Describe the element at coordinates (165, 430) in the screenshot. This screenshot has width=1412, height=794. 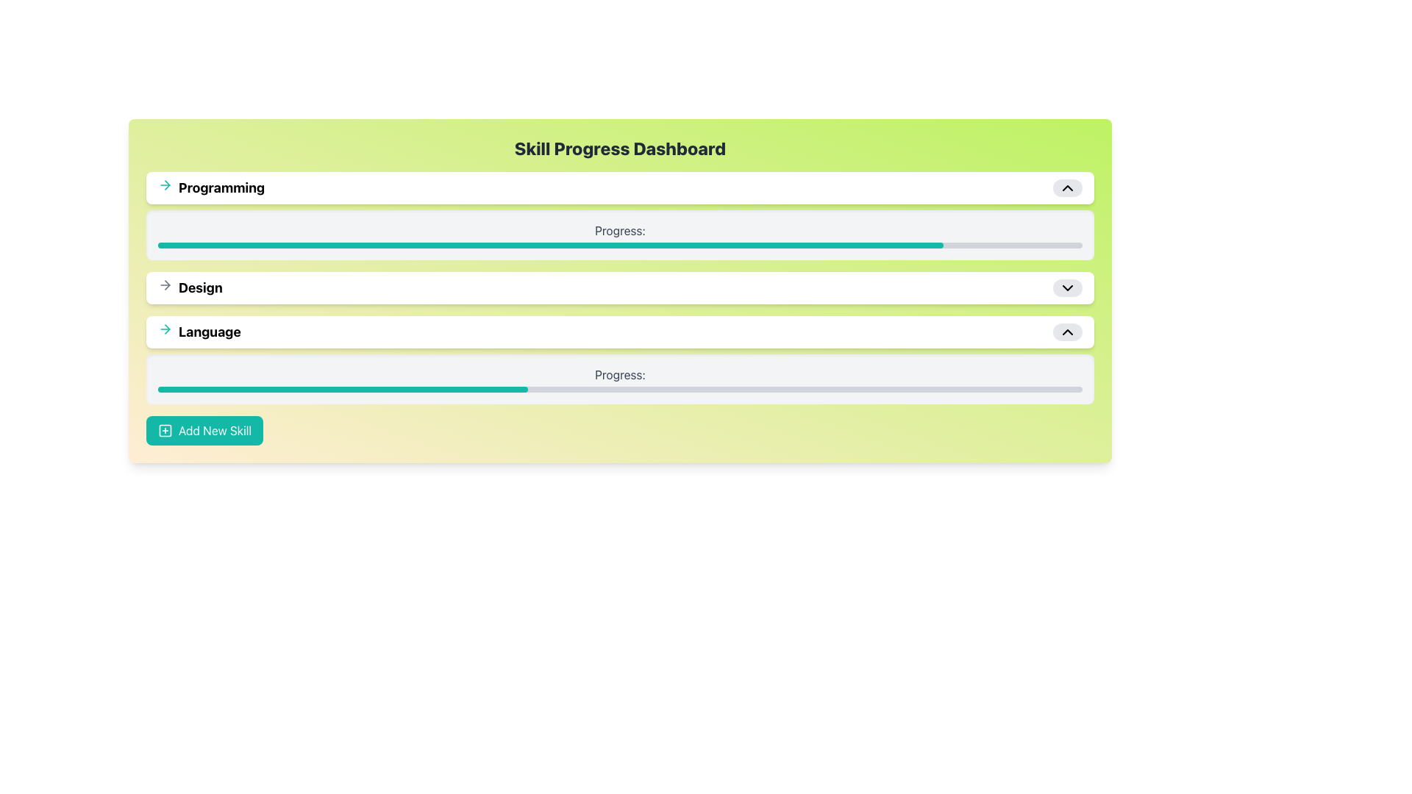
I see `the 'Add New Skill' icon, which features a plus sign inside a square, located at the bottom-left corner of the interface` at that location.